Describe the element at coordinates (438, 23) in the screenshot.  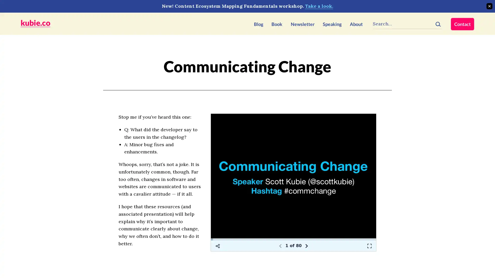
I see `Search` at that location.